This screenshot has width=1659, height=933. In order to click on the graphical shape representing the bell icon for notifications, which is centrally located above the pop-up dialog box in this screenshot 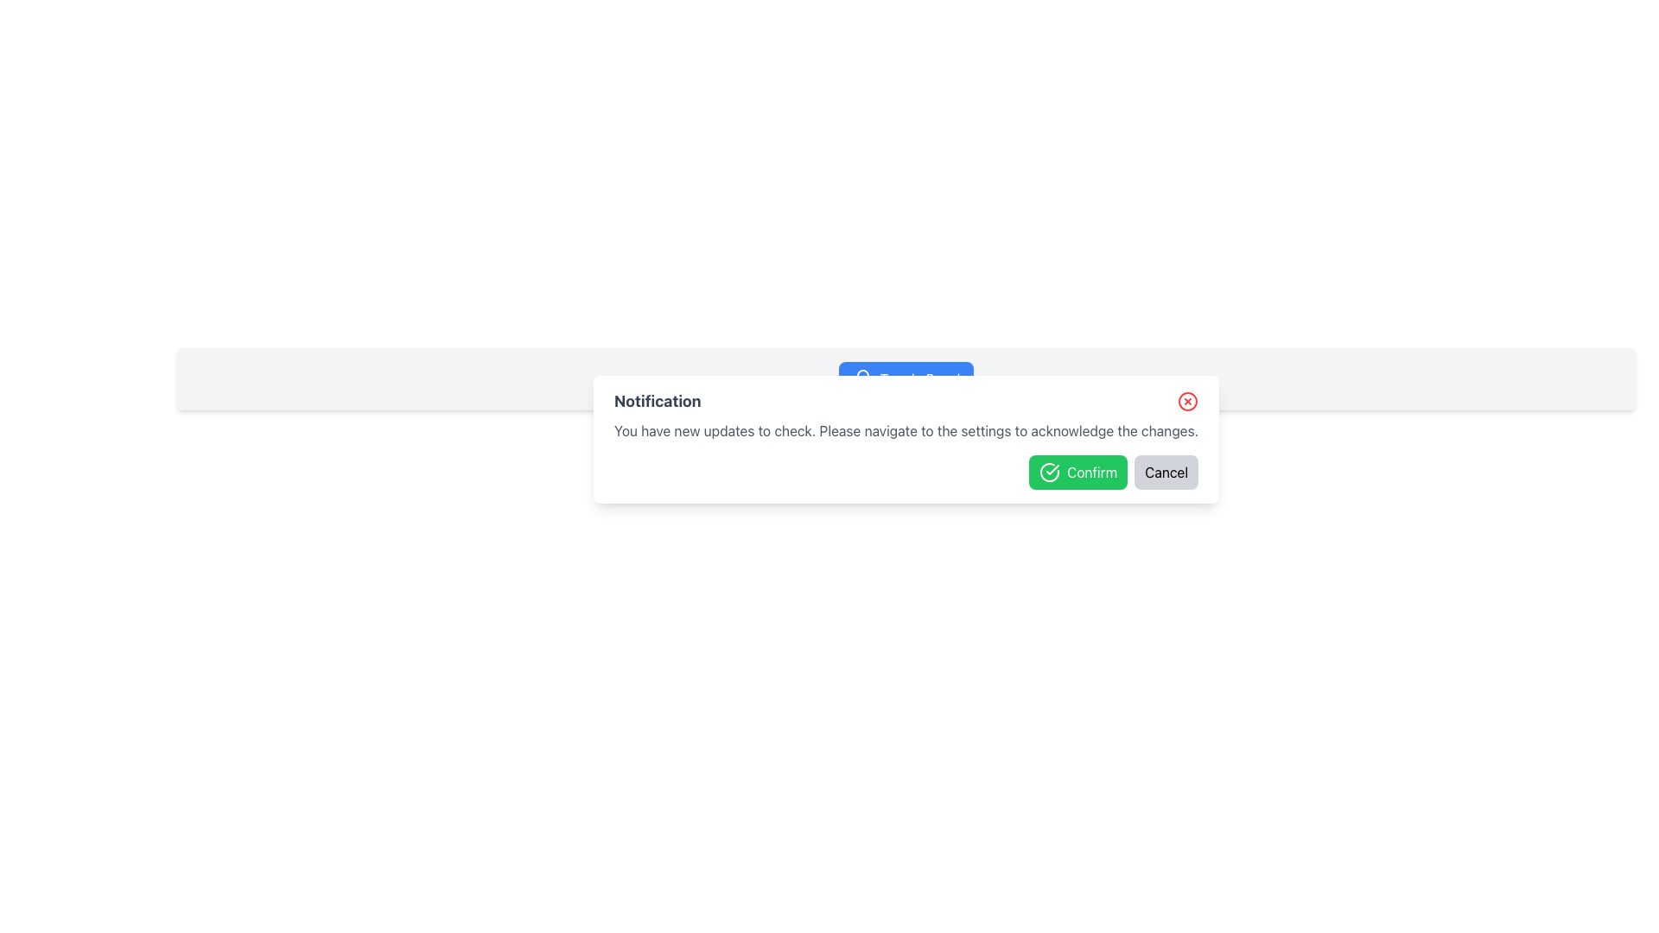, I will do `click(862, 376)`.